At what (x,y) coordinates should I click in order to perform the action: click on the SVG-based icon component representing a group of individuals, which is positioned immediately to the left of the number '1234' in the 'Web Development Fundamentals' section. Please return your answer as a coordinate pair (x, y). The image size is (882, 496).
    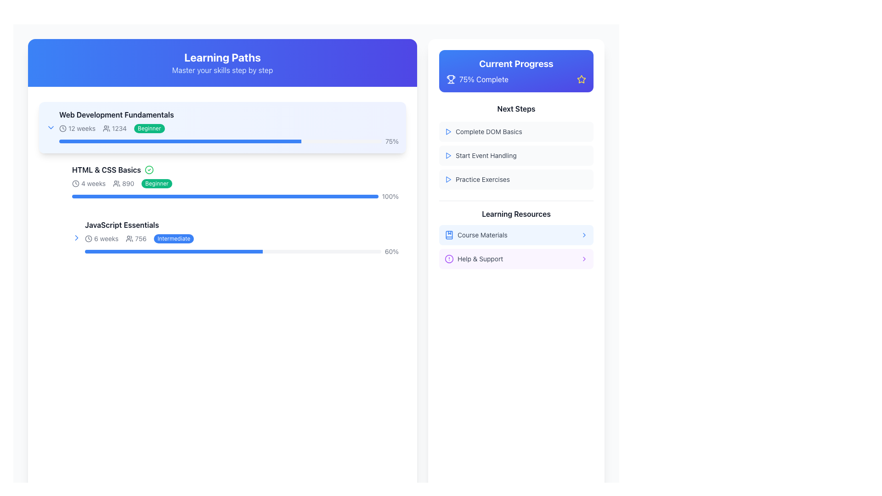
    Looking at the image, I should click on (106, 129).